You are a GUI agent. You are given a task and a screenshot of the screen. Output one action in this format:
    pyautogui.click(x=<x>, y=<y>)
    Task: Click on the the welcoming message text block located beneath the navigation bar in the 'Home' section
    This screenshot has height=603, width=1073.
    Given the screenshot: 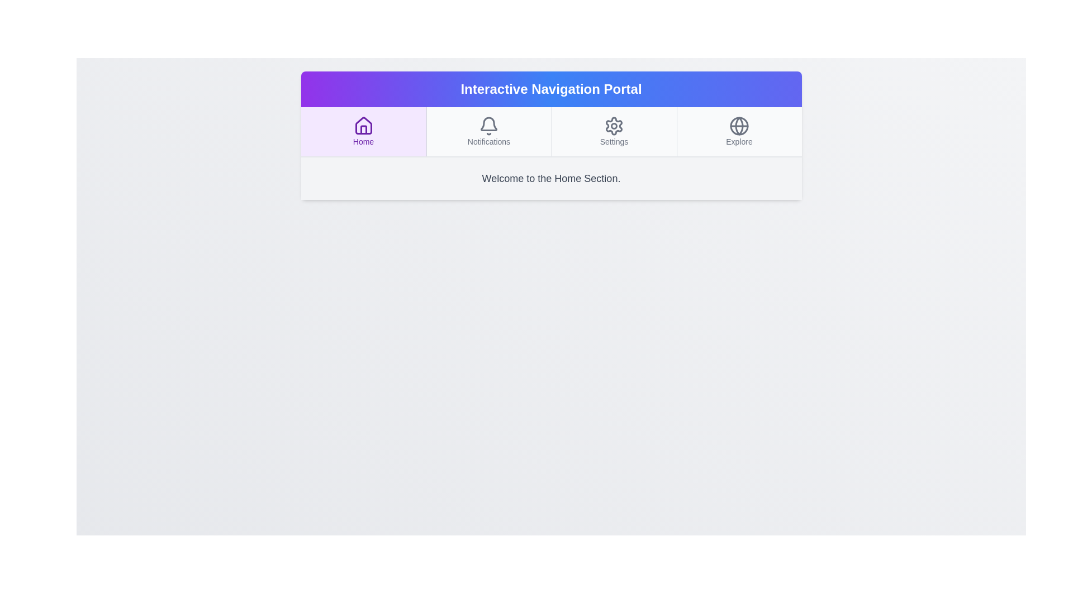 What is the action you would take?
    pyautogui.click(x=551, y=178)
    